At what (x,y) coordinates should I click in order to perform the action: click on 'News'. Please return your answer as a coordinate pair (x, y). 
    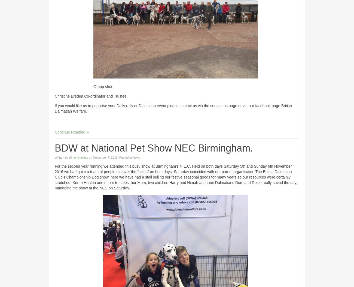
    Looking at the image, I should click on (136, 157).